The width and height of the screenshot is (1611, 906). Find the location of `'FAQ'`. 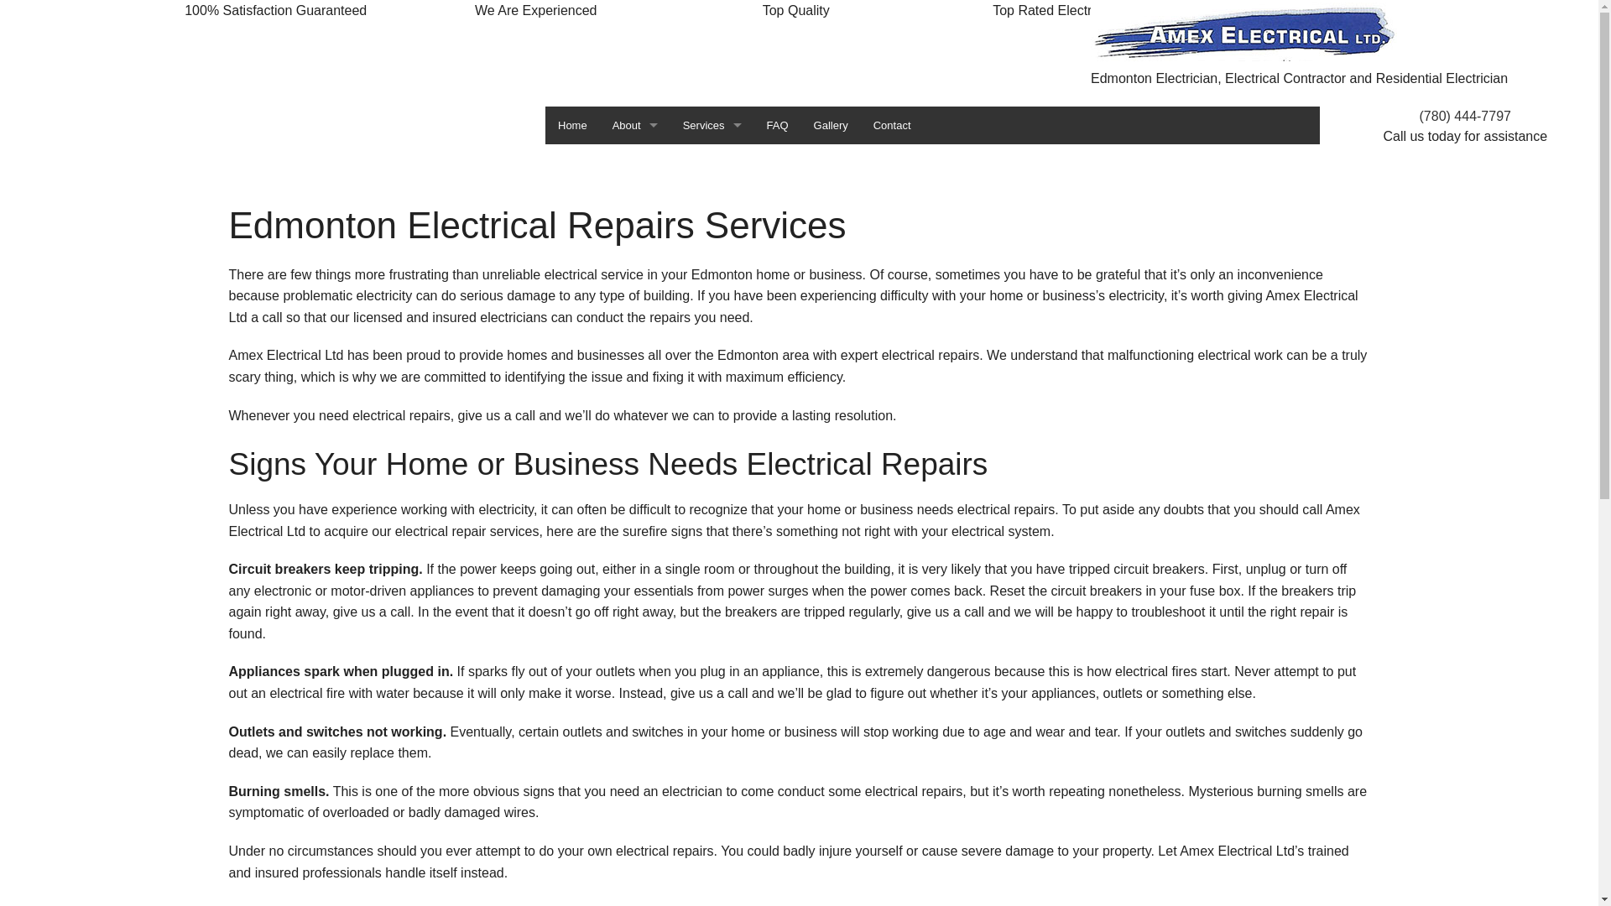

'FAQ' is located at coordinates (776, 124).